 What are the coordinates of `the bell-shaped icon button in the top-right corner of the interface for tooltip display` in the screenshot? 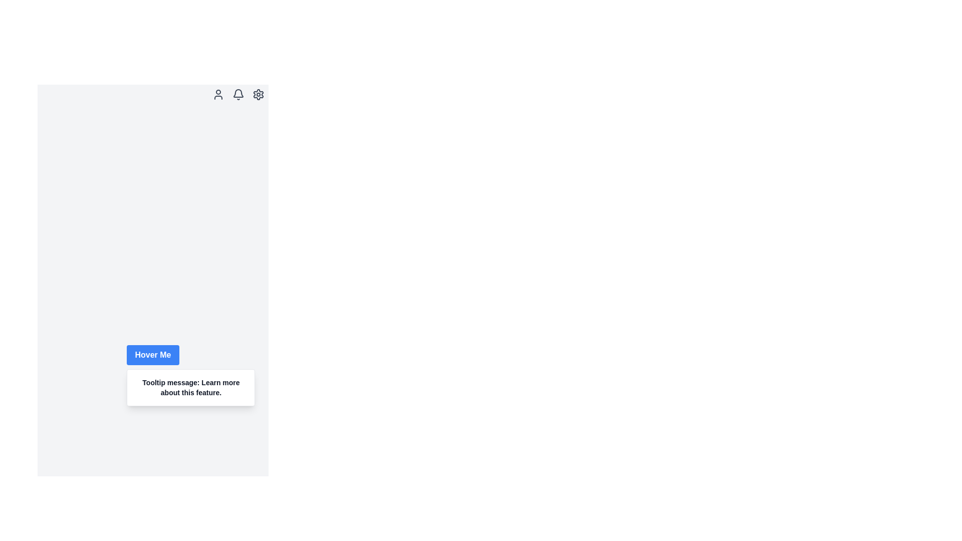 It's located at (237, 95).